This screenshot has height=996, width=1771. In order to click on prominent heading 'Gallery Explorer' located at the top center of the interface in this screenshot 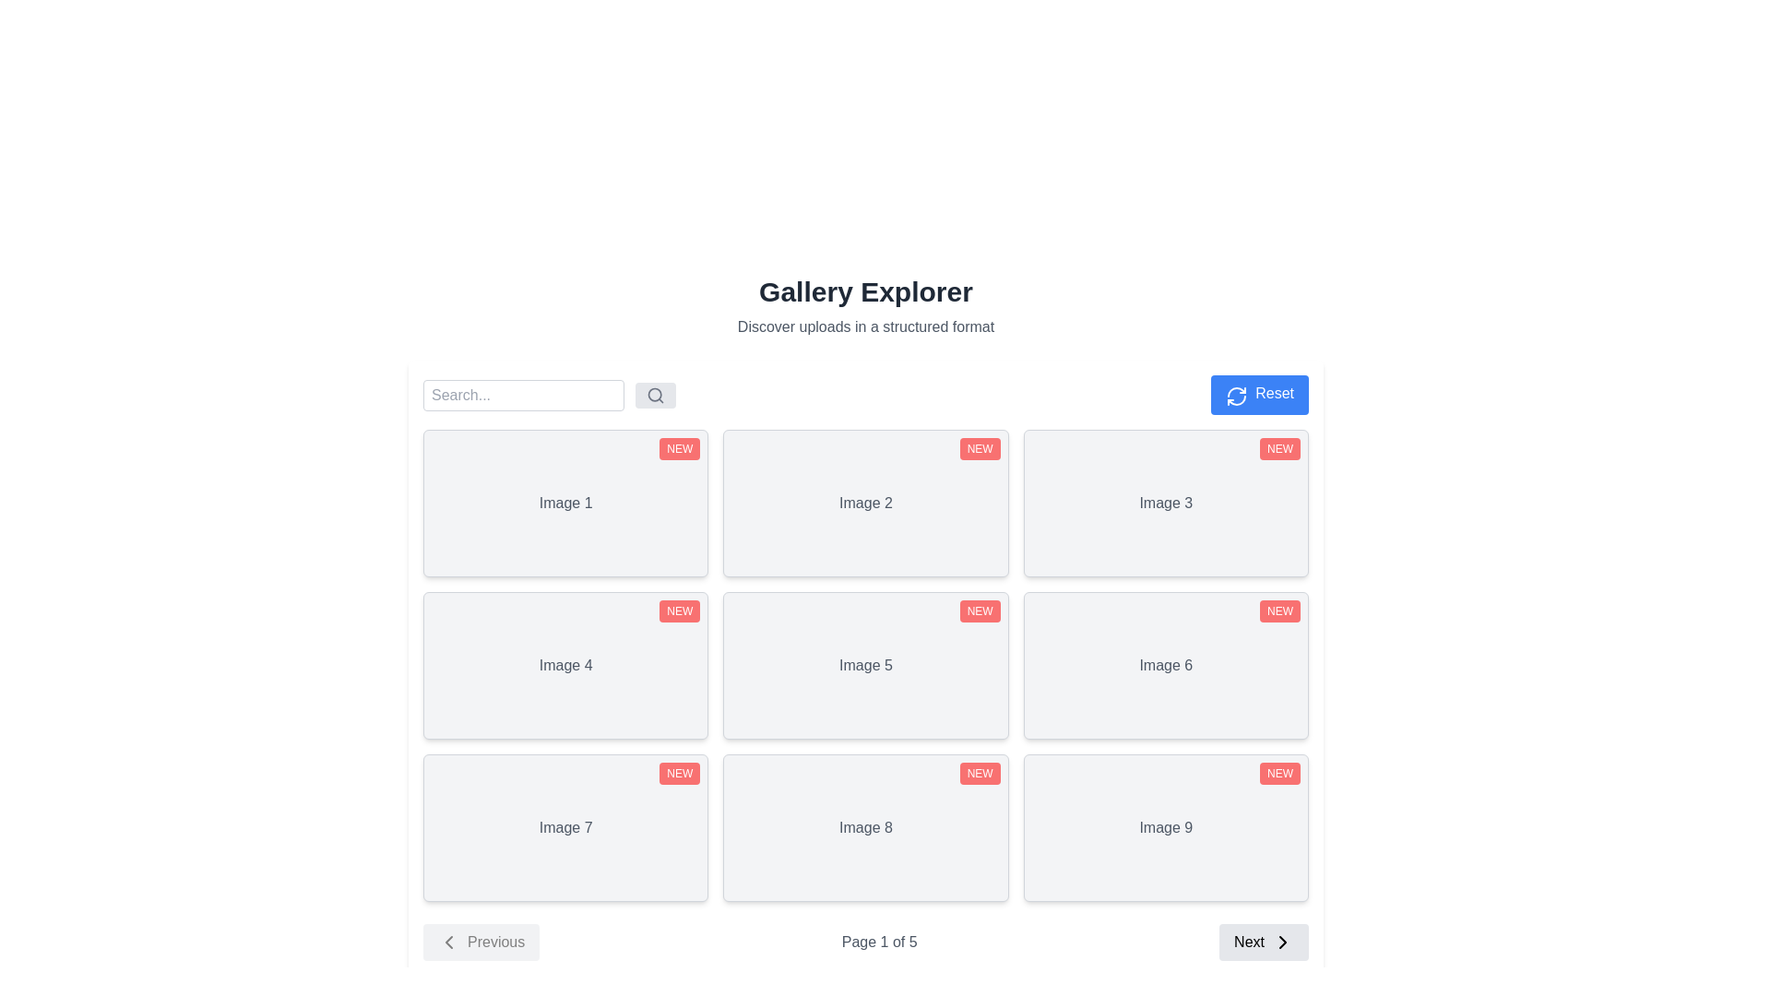, I will do `click(865, 305)`.